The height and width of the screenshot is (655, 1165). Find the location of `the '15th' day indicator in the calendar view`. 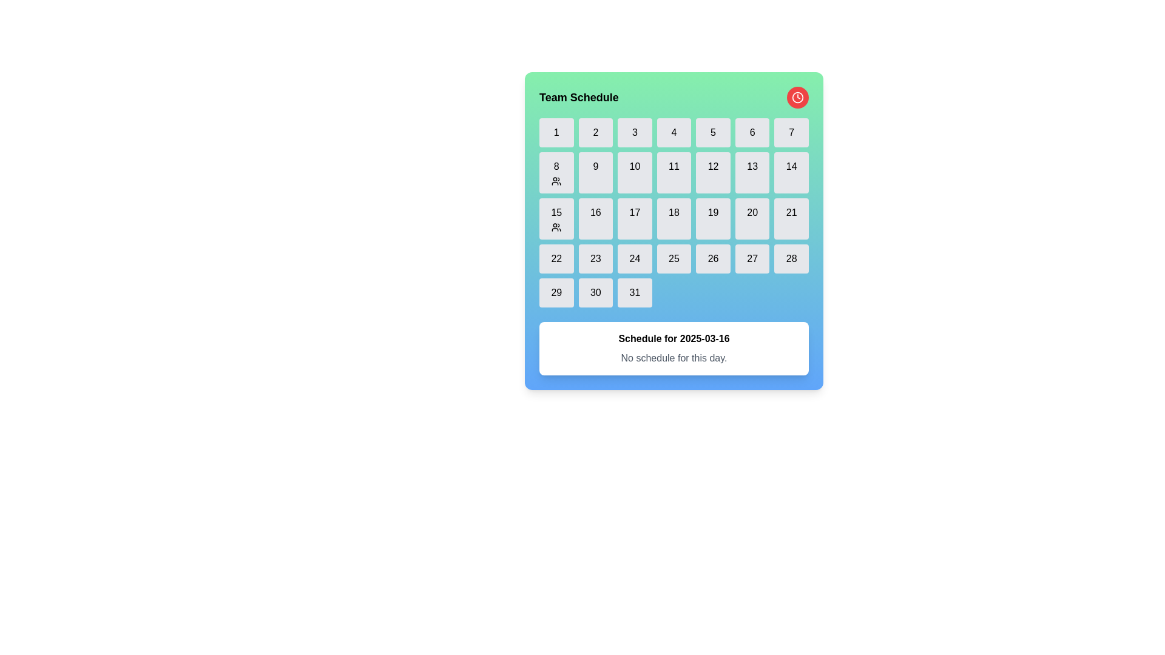

the '15th' day indicator in the calendar view is located at coordinates (556, 212).